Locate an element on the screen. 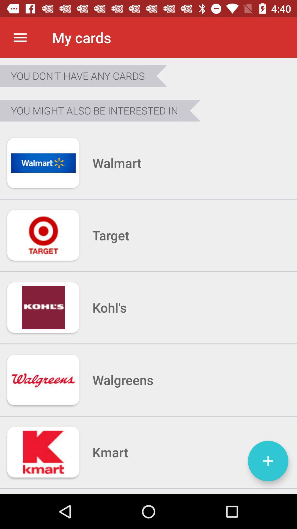  the add icon is located at coordinates (268, 461).